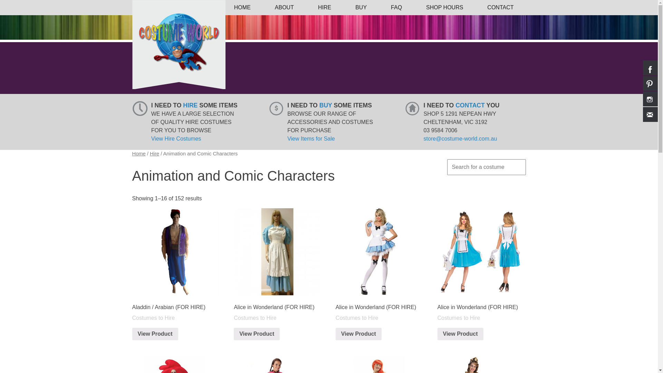  I want to click on 'Hire', so click(149, 153).